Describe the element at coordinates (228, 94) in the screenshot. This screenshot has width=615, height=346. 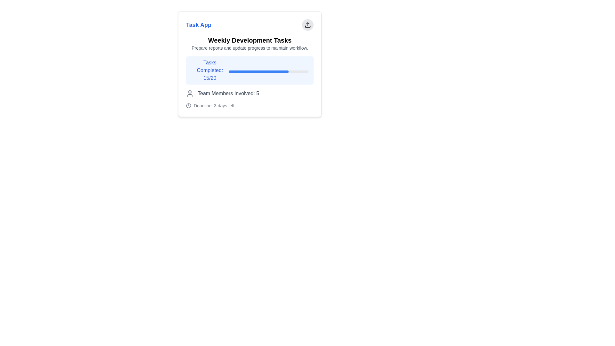
I see `the static text element displaying the number of team members involved in the task, which is currently 5, located in the bottom-left section of the card interface` at that location.